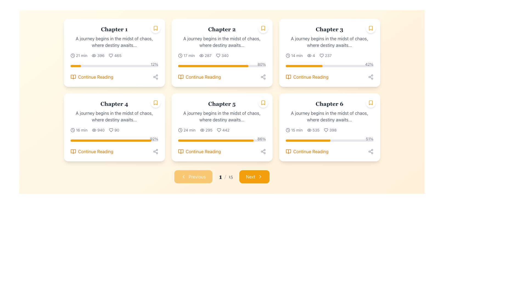 The image size is (527, 296). Describe the element at coordinates (371, 77) in the screenshot. I see `the share icon located at the bottom right corner of the card labeled 'Chapter 3'` at that location.